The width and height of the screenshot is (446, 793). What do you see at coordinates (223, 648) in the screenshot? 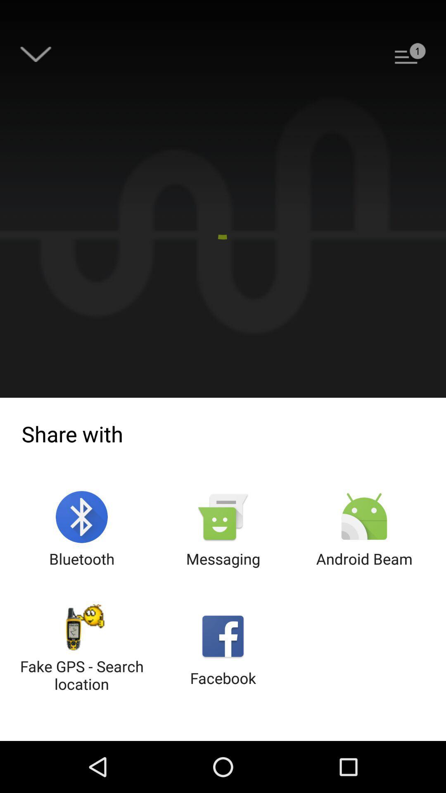
I see `the icon to the right of fake gps search button` at bounding box center [223, 648].